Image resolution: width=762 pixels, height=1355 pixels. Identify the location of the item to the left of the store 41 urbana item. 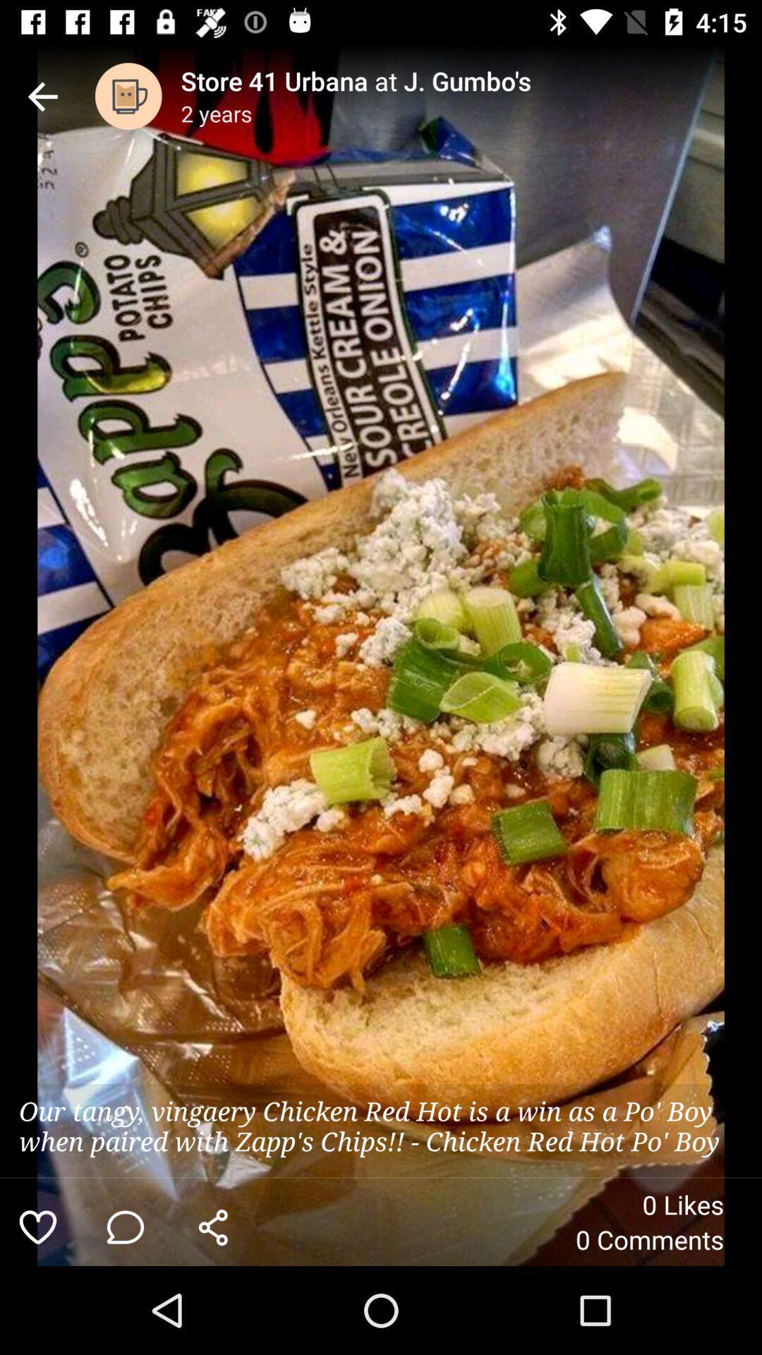
(128, 95).